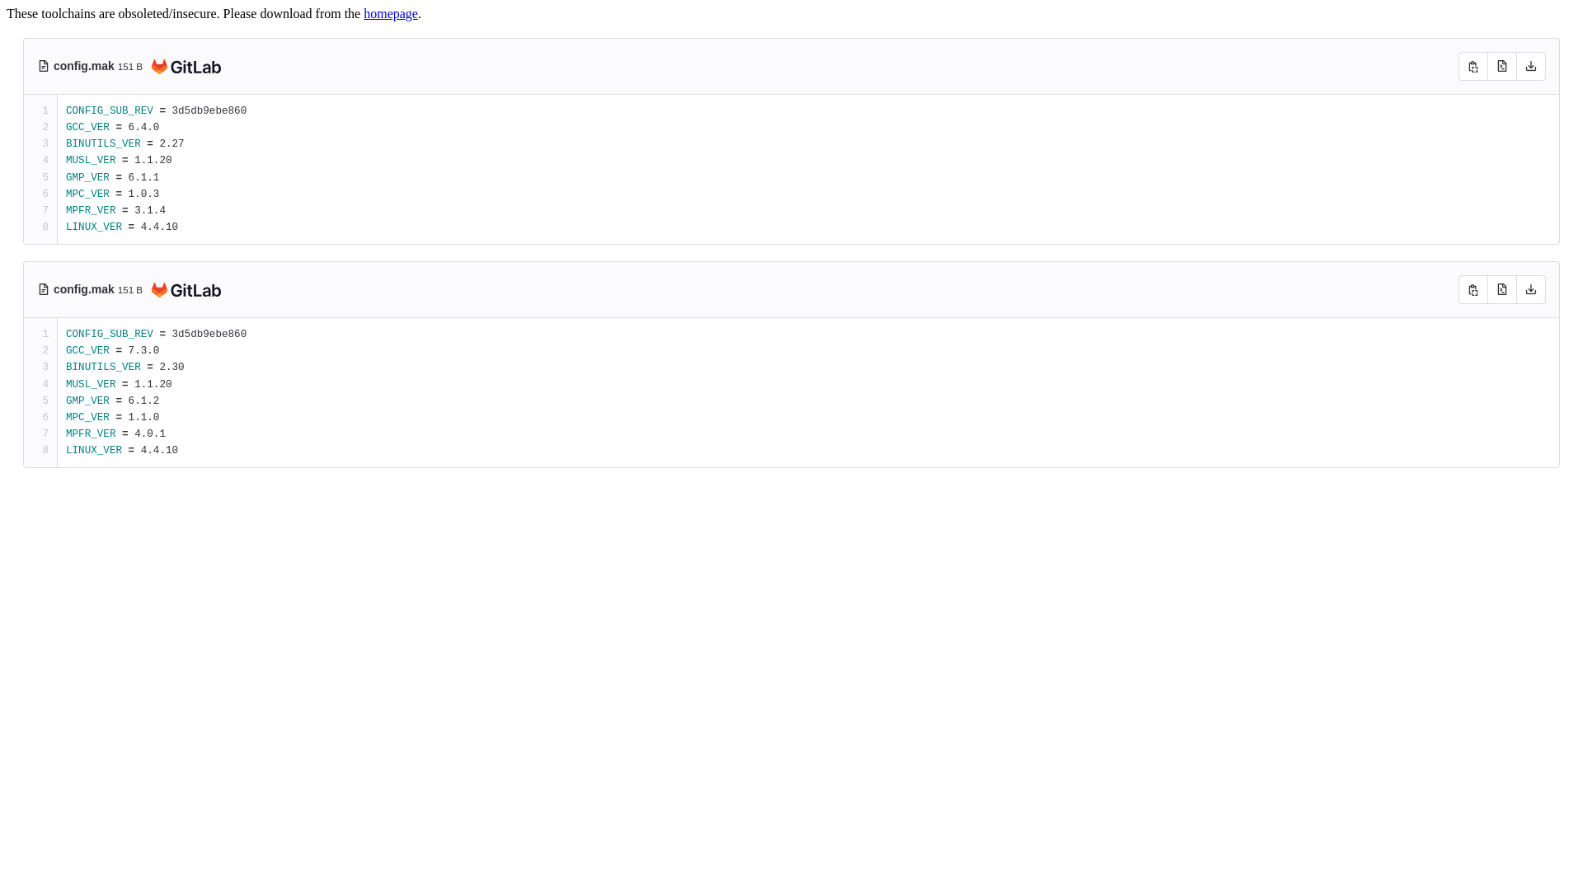  Describe the element at coordinates (1473, 65) in the screenshot. I see `'Copy snippet contents'` at that location.